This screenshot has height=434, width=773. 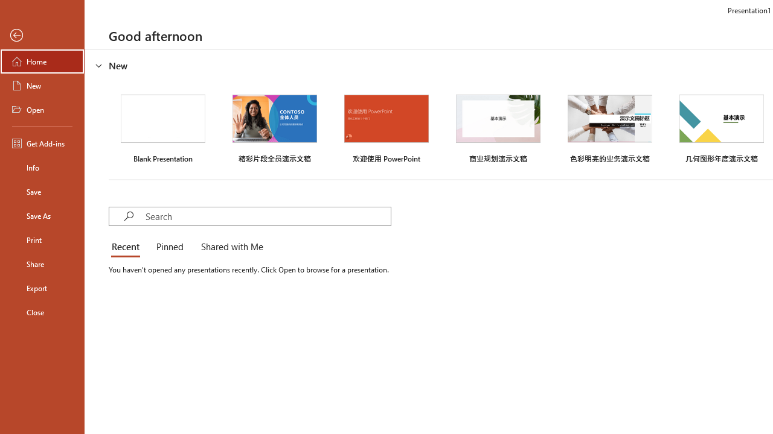 I want to click on 'Blank Presentation', so click(x=162, y=127).